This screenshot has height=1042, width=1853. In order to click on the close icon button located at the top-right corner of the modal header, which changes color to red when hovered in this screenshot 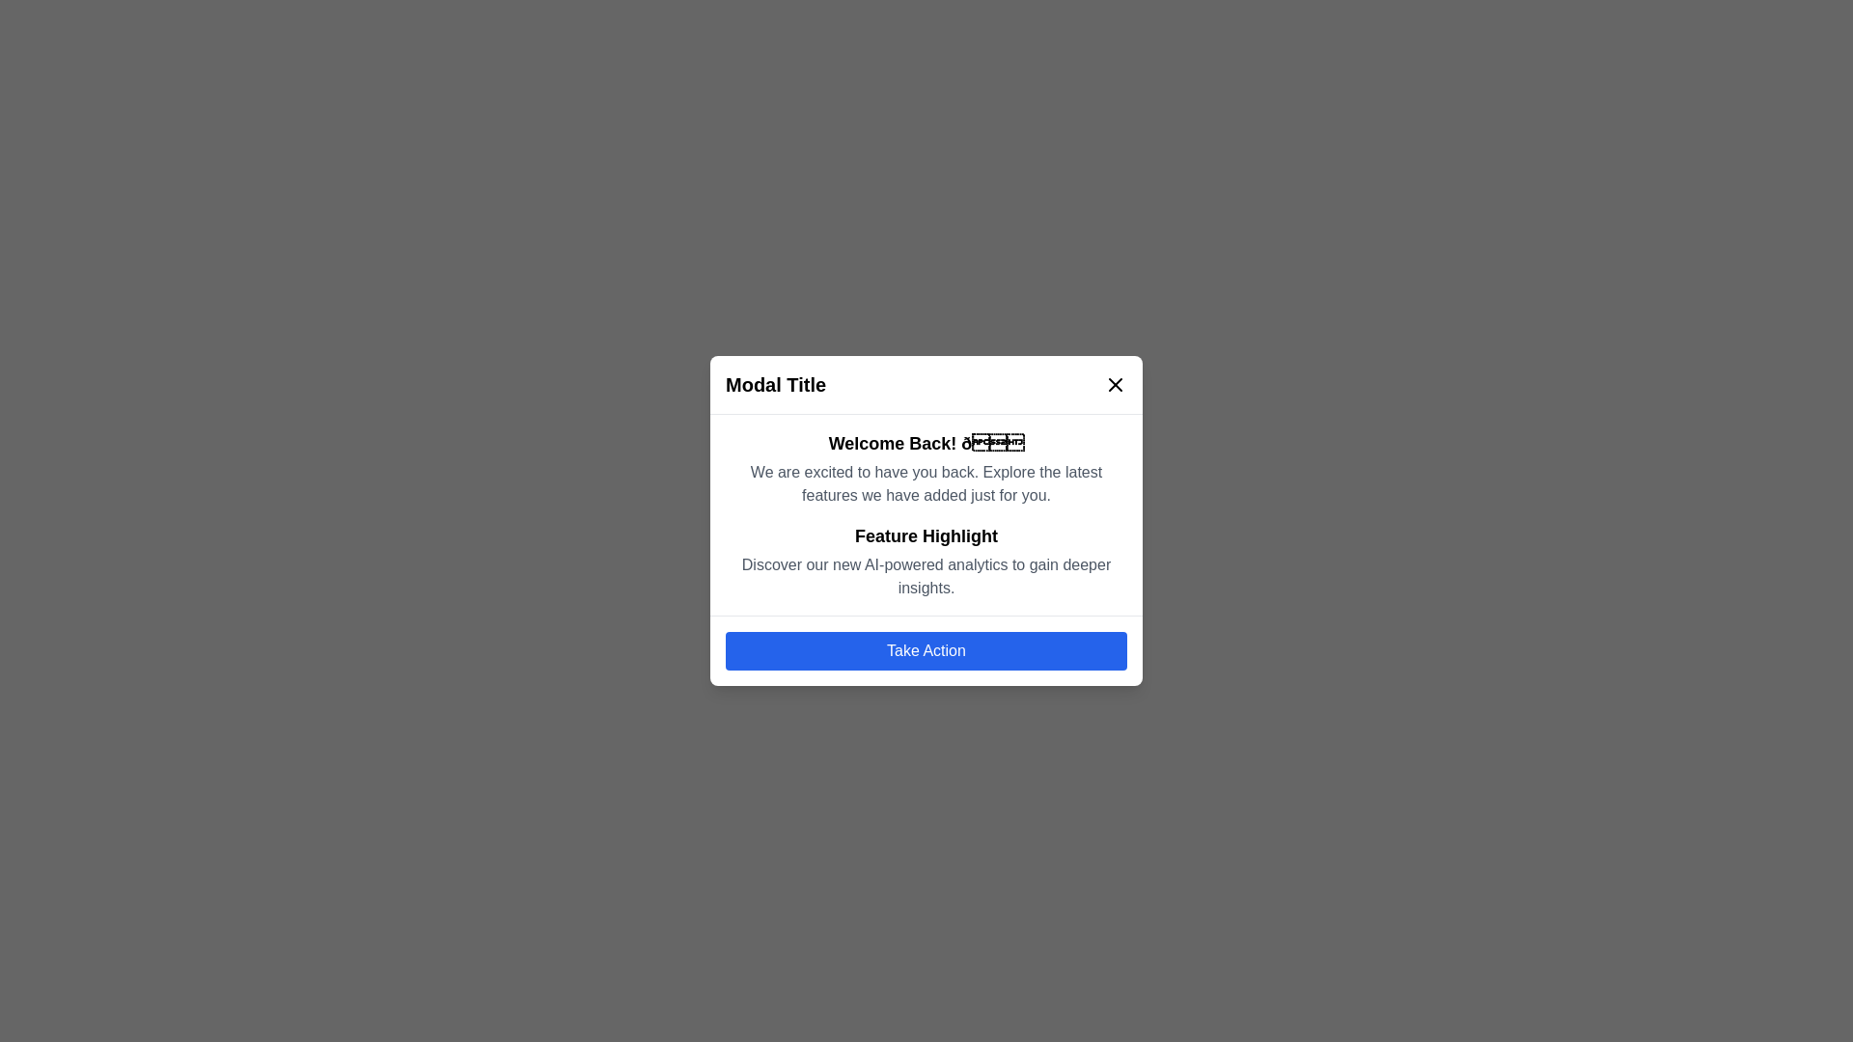, I will do `click(1116, 384)`.